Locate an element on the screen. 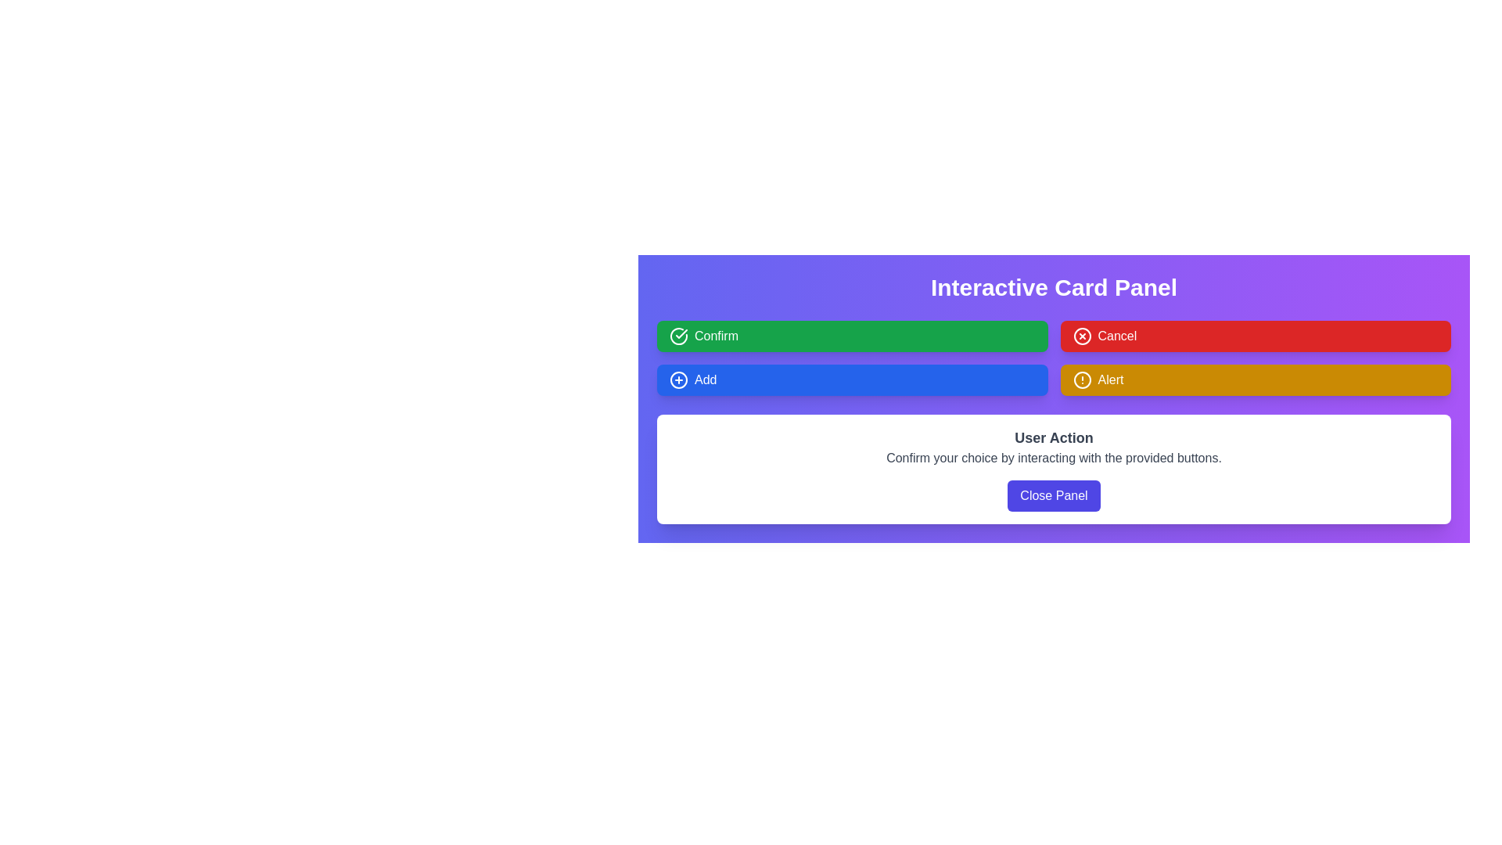 The height and width of the screenshot is (845, 1502). the static text label that reads 'Confirm your choice by interacting with the provided buttons,' located below the 'User Action' heading and above the 'Close Panel' button is located at coordinates (1054, 458).